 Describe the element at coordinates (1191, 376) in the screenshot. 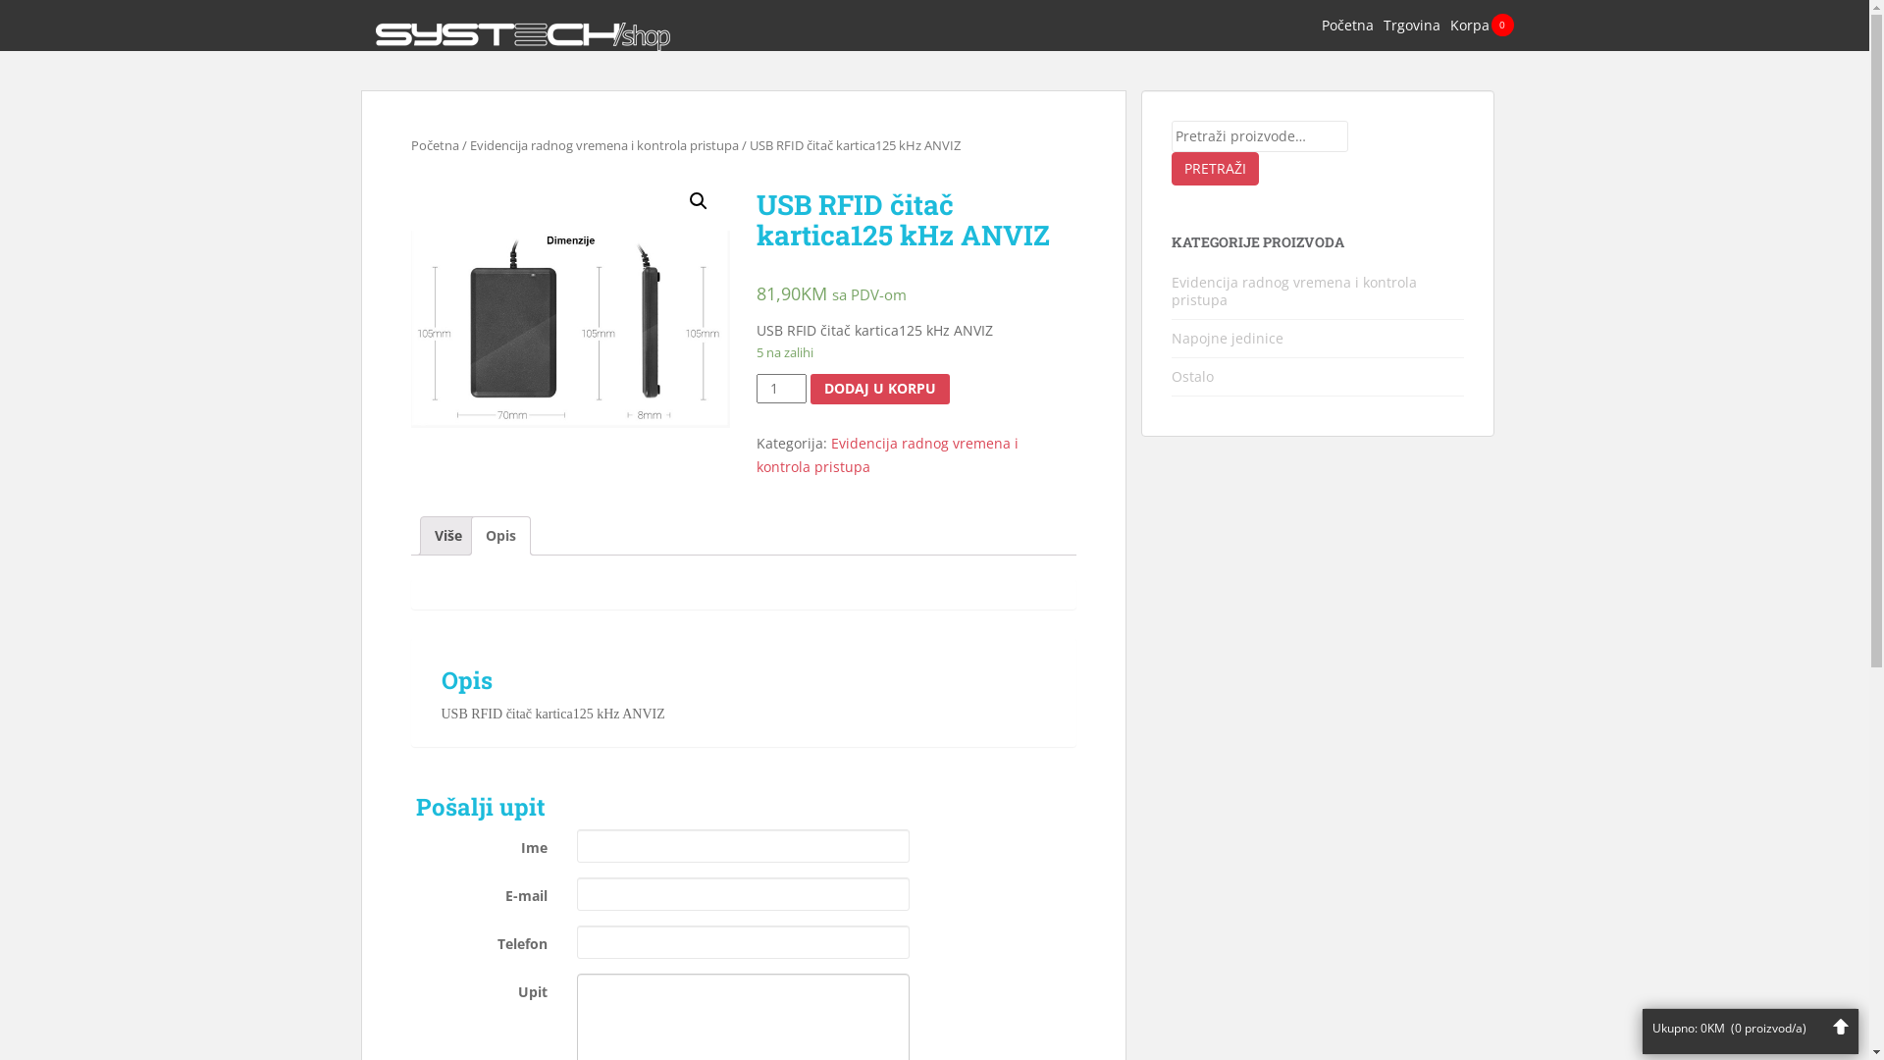

I see `'Ostalo'` at that location.